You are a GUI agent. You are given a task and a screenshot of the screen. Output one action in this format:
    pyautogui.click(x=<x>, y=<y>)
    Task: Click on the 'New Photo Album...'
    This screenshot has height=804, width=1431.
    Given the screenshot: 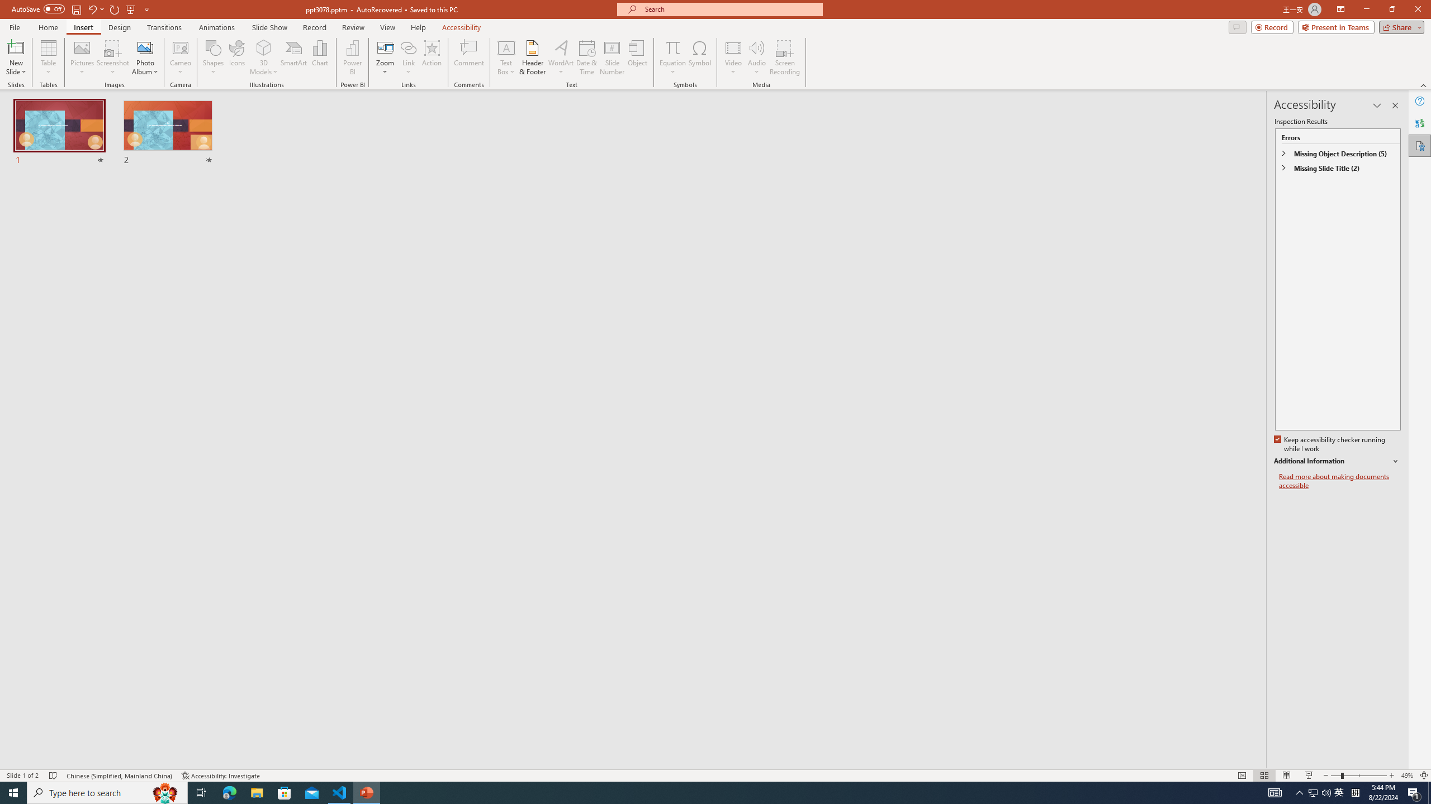 What is the action you would take?
    pyautogui.click(x=144, y=47)
    